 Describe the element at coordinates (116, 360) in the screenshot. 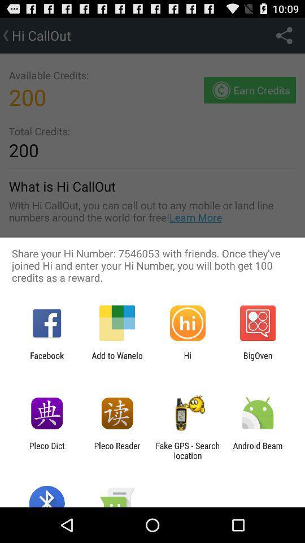

I see `the app next to facebook item` at that location.